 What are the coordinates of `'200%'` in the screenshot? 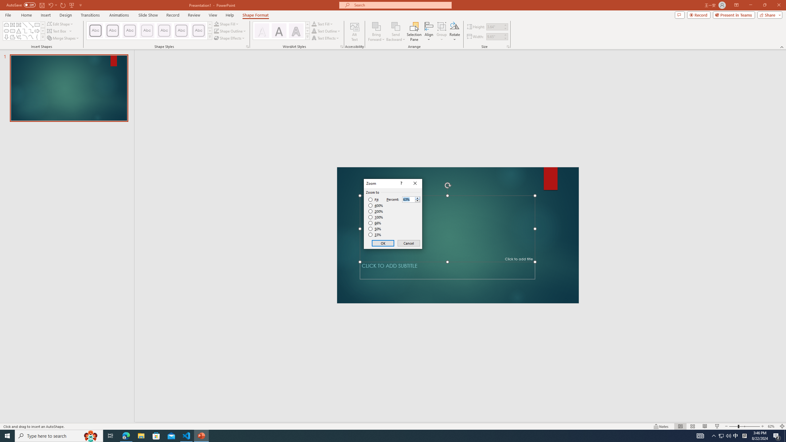 It's located at (375, 211).